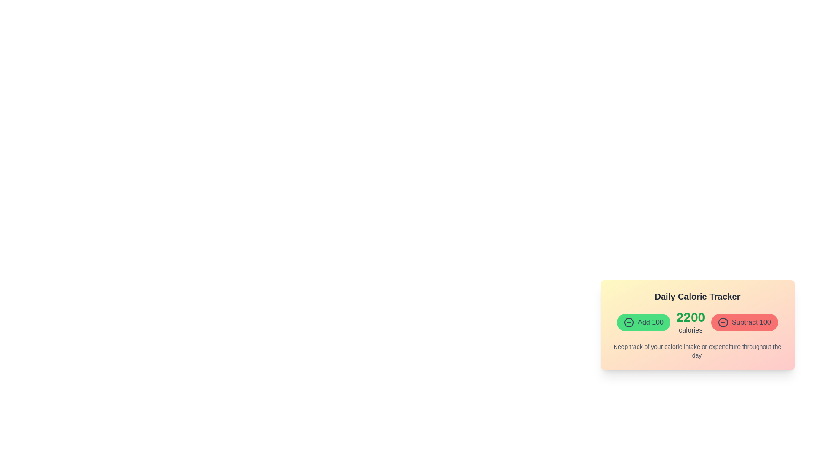  What do you see at coordinates (643, 322) in the screenshot?
I see `the leftmost button that increments the calorie count by 100, located to the left of the '2200 calories' display and to the right of the 'Daily Calorie Tracker' heading` at bounding box center [643, 322].